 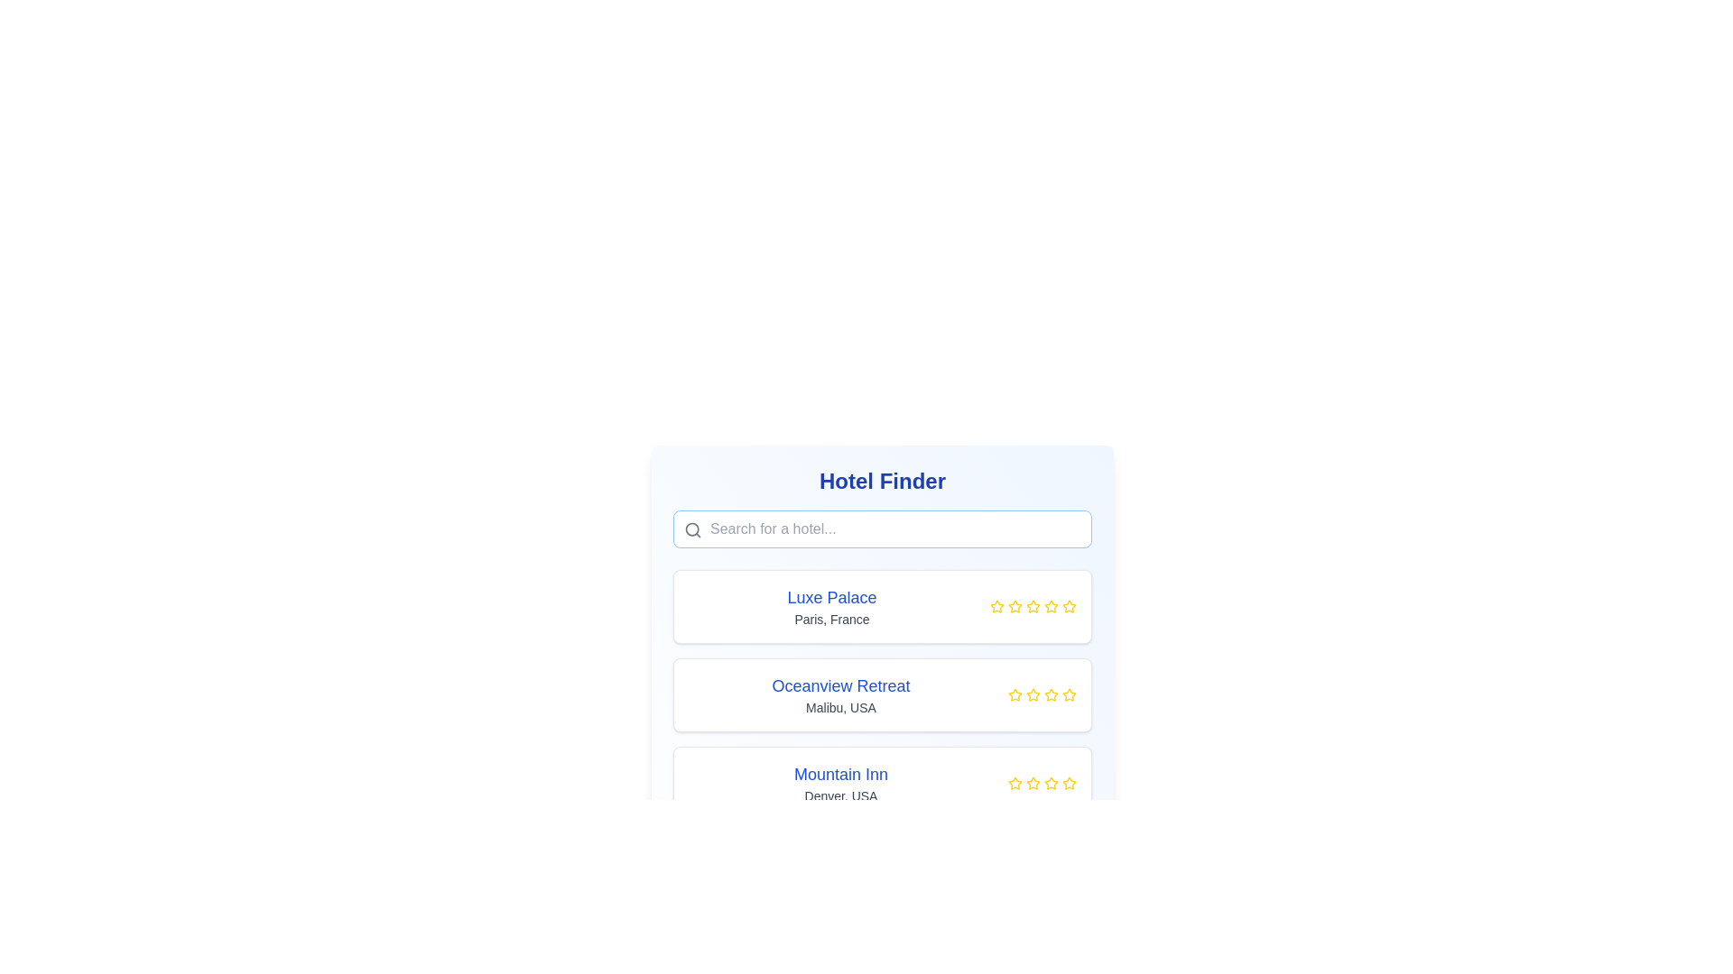 I want to click on the third star icon for rating, which has a yellow border and a transparent center, located to the right of the 'Oceanview Retreat' entry in the second row of the list, so click(x=1070, y=694).